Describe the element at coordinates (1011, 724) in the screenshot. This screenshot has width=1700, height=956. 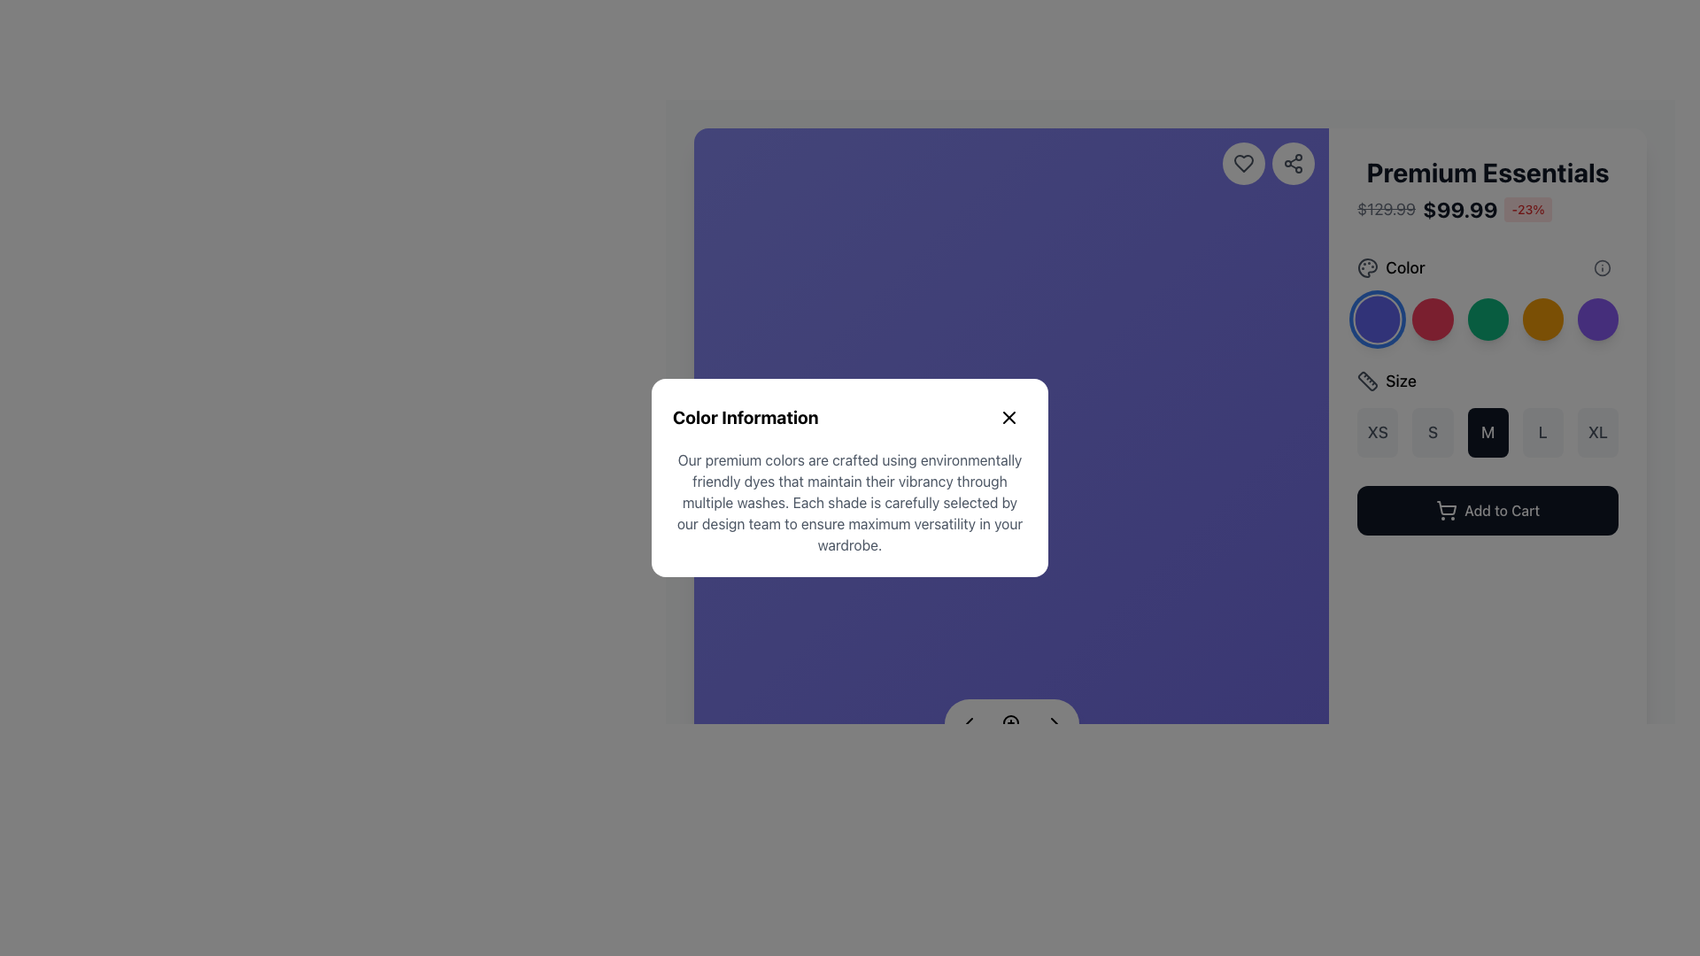
I see `the magnifying glass icon with a plus sign in the center, located inside the circular button at the bottom center of the interface to zoom in` at that location.